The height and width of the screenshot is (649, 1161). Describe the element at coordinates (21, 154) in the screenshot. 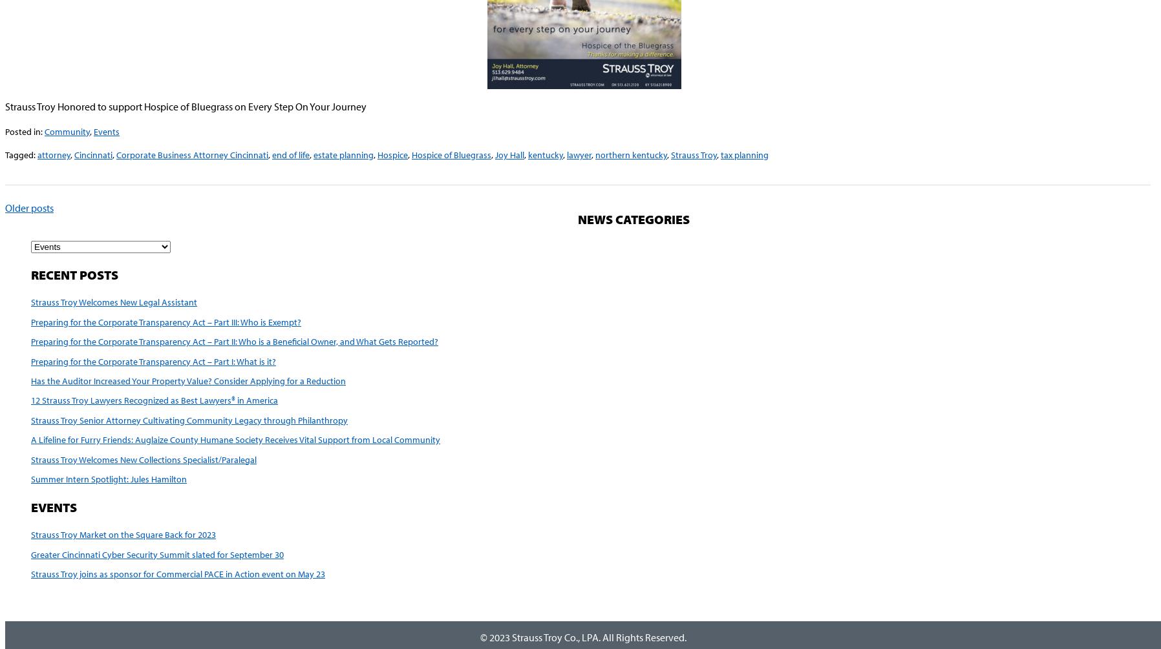

I see `'Tagged:'` at that location.